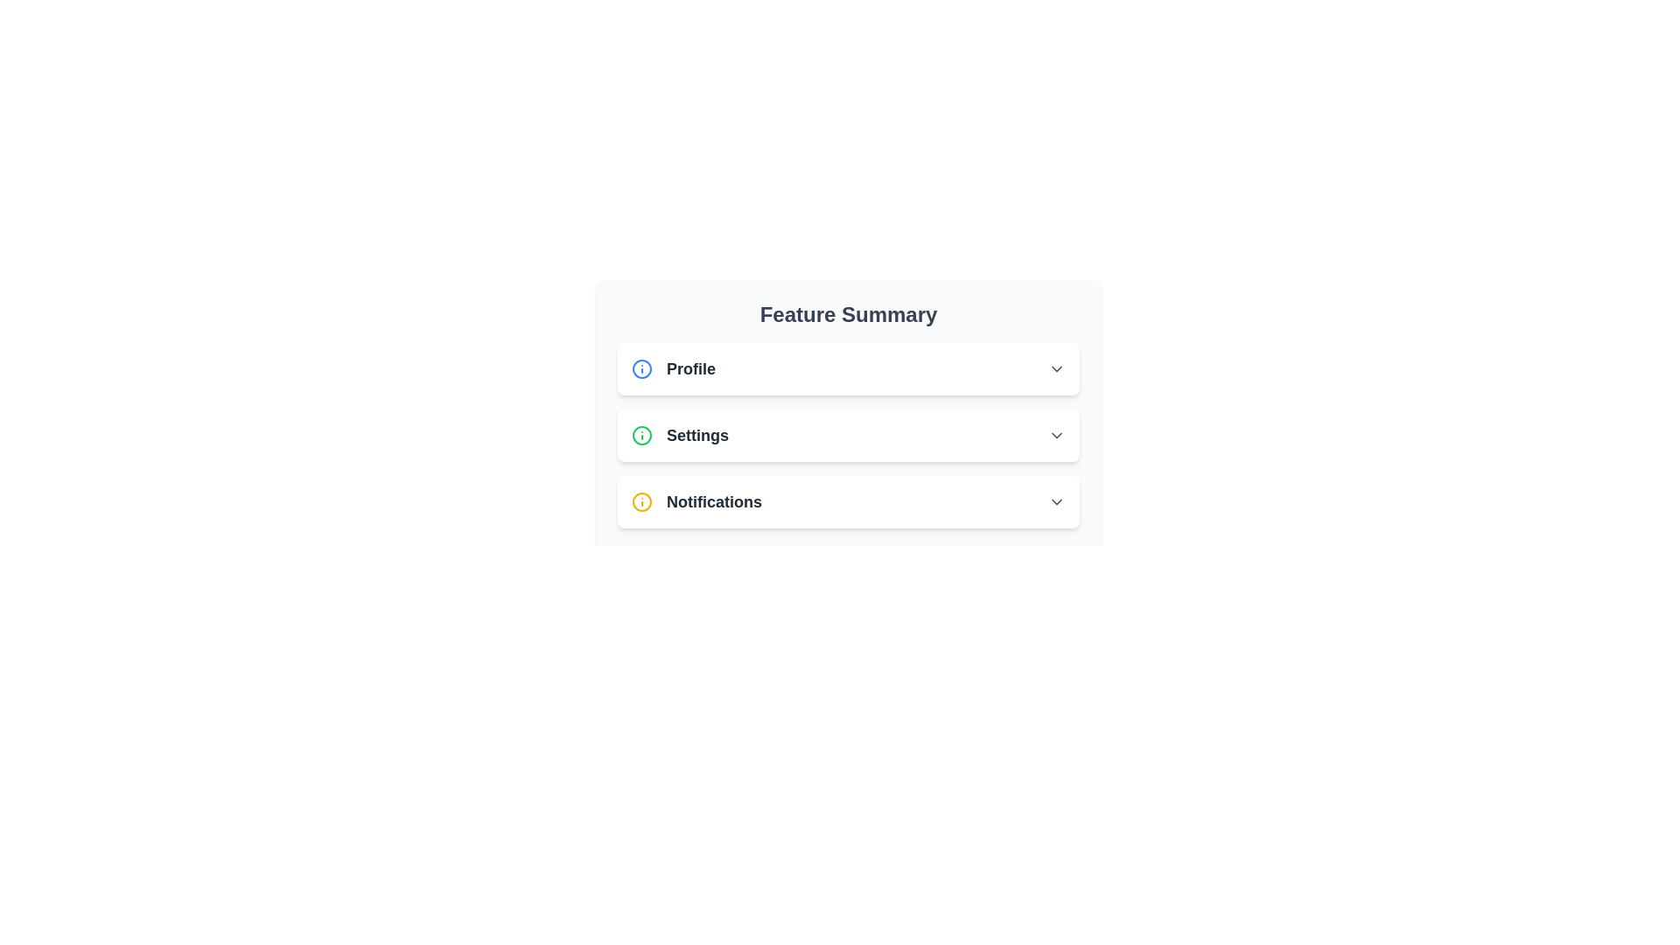 This screenshot has height=945, width=1680. What do you see at coordinates (1056, 502) in the screenshot?
I see `the Dropdown toggle icon located to the right of the 'Notifications' text` at bounding box center [1056, 502].